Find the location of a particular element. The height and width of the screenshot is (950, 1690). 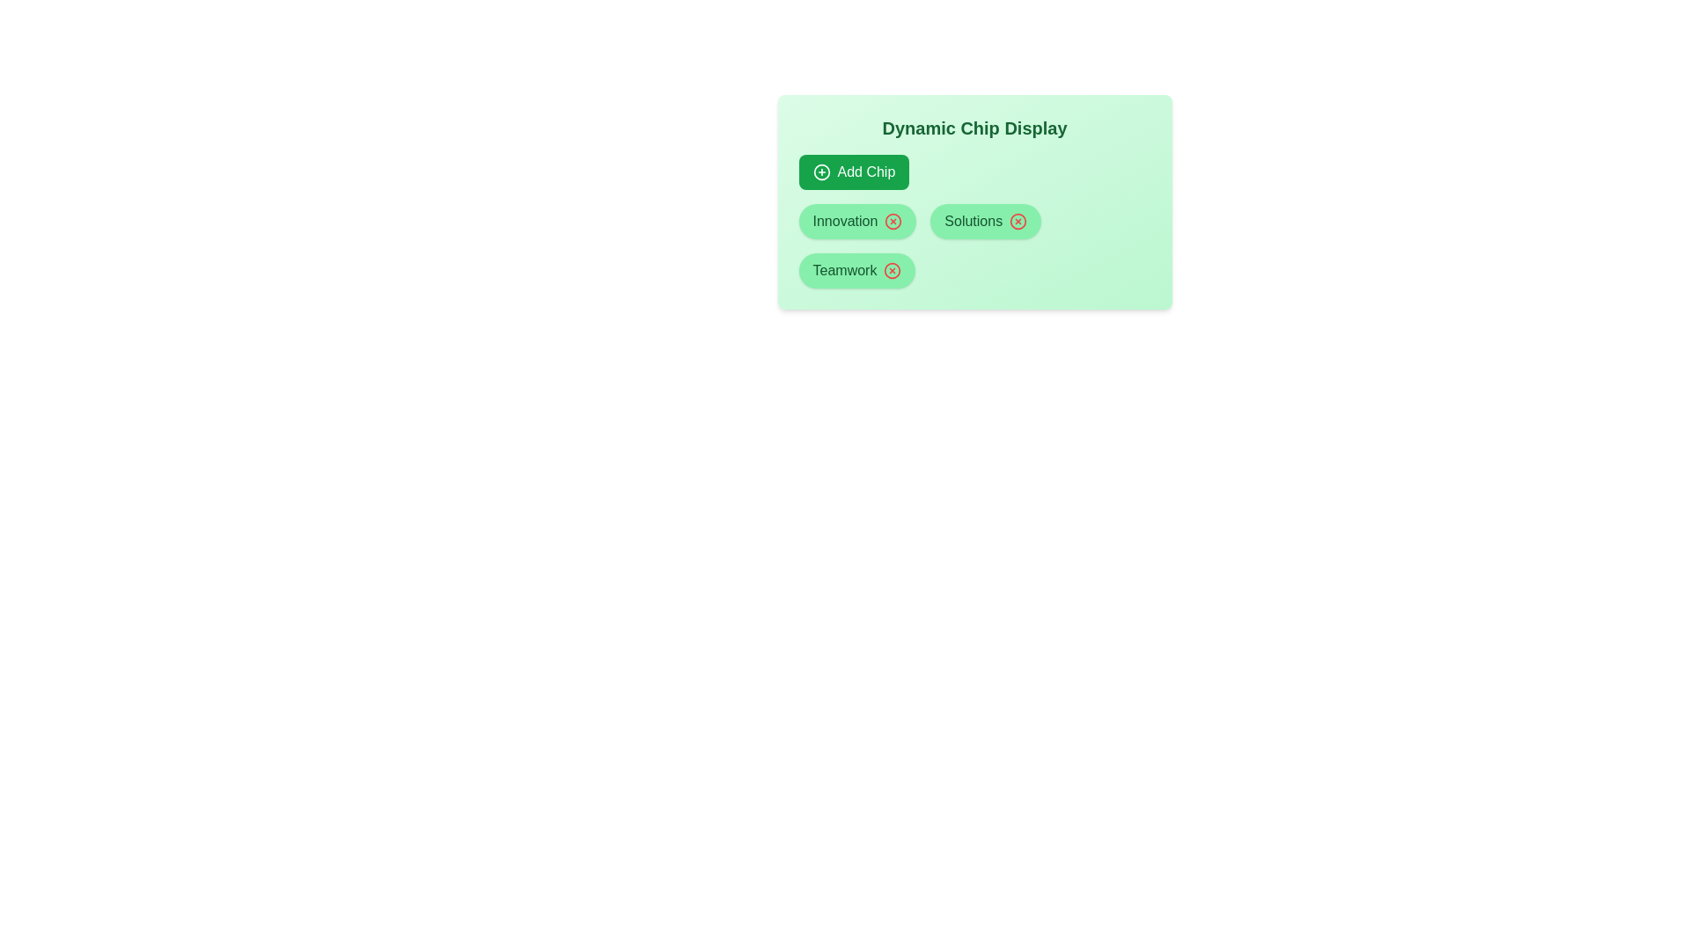

'Add Chip' button to add a new chip to the display is located at coordinates (853, 172).